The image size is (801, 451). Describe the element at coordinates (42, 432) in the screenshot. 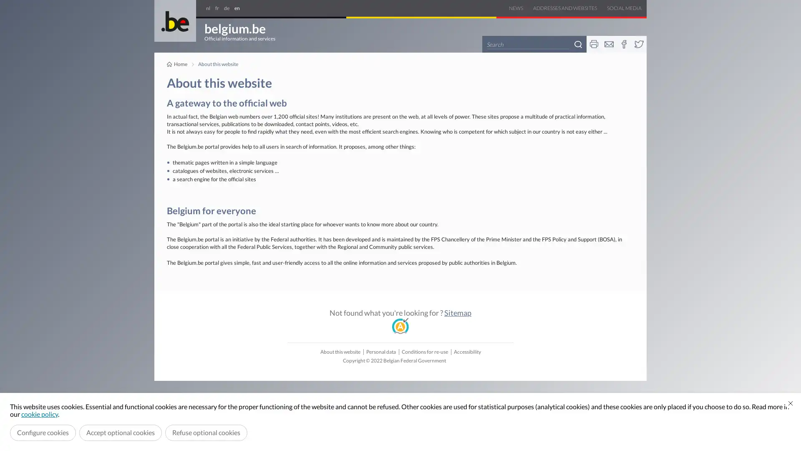

I see `Configure cookies` at that location.